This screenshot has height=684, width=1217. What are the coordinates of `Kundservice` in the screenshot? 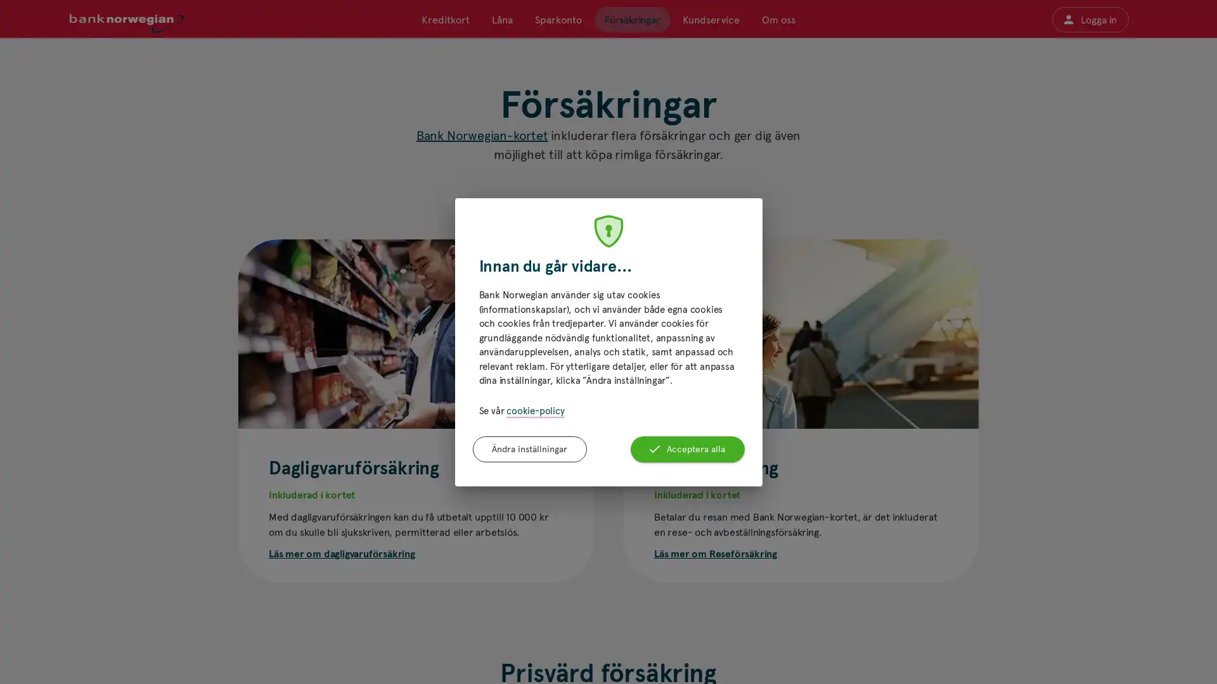 It's located at (711, 19).